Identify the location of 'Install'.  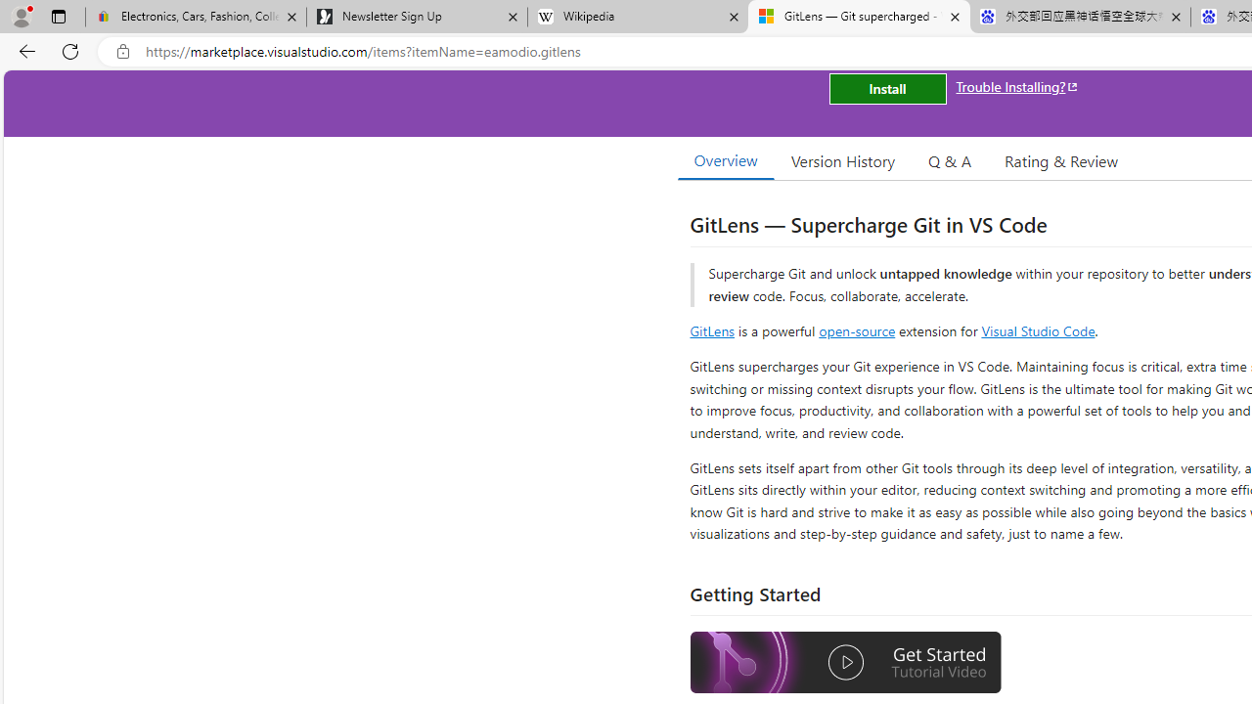
(886, 89).